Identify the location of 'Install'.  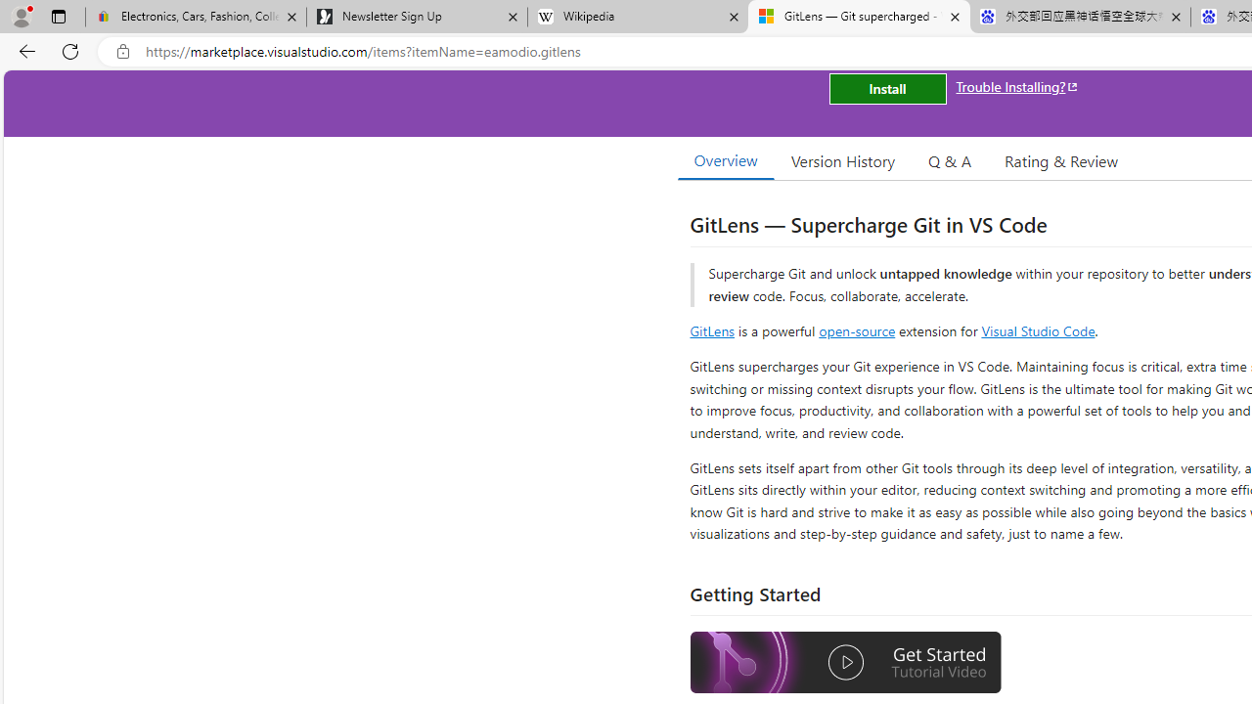
(886, 89).